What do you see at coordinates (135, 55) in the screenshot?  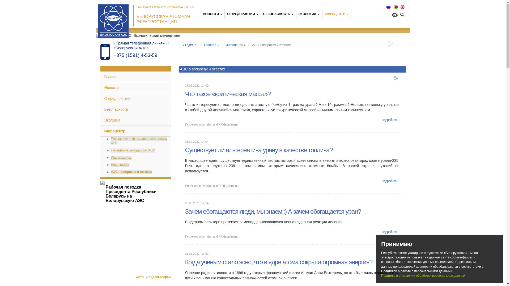 I see `'+375 (1591) 4-53-59'` at bounding box center [135, 55].